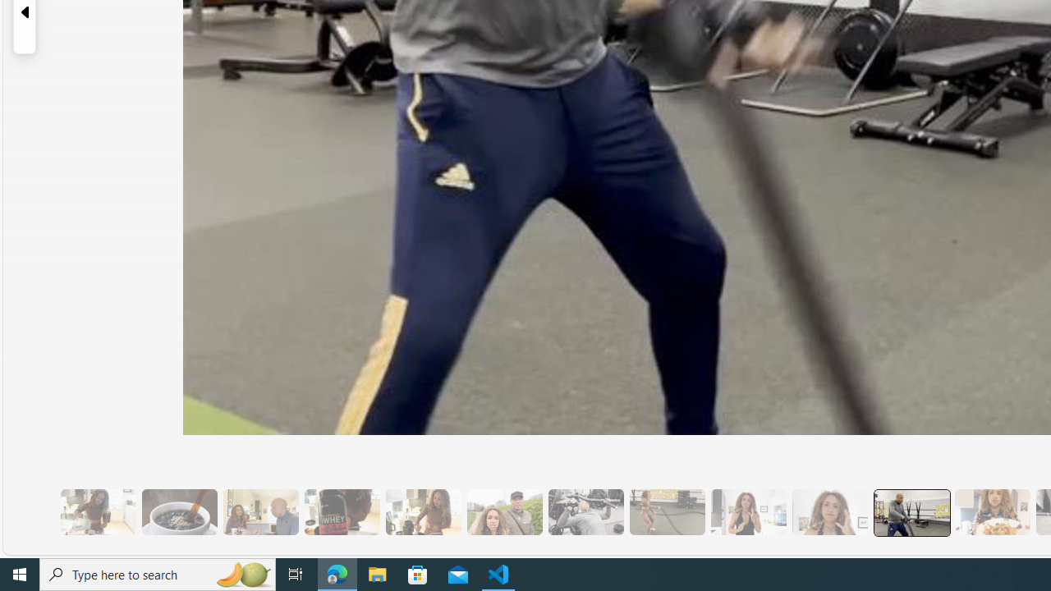  I want to click on '13 Her Husband Does Group Cardio Classs', so click(910, 511).